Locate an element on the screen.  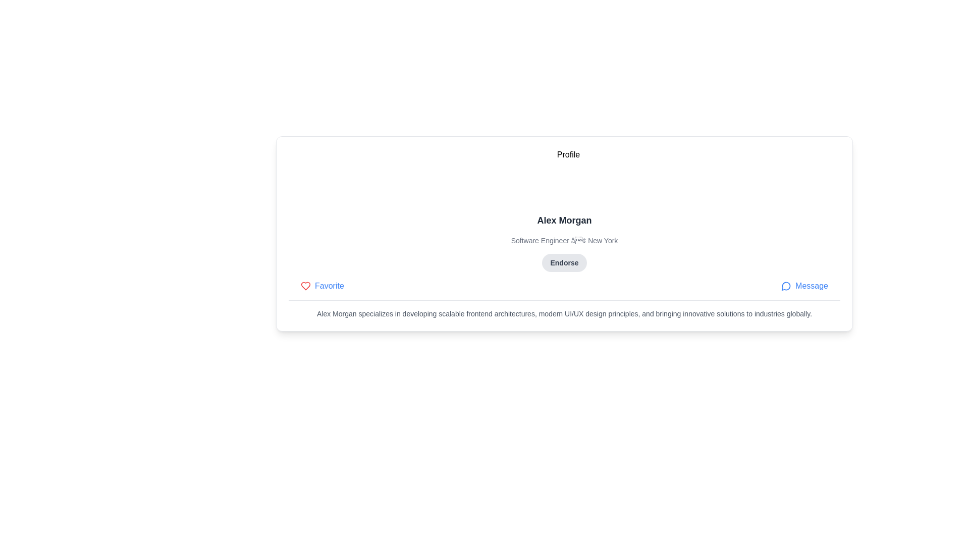
the 'Message' icon represented by a circular message bubble located in the bottom-right corner of the interactive profile card is located at coordinates (785, 286).